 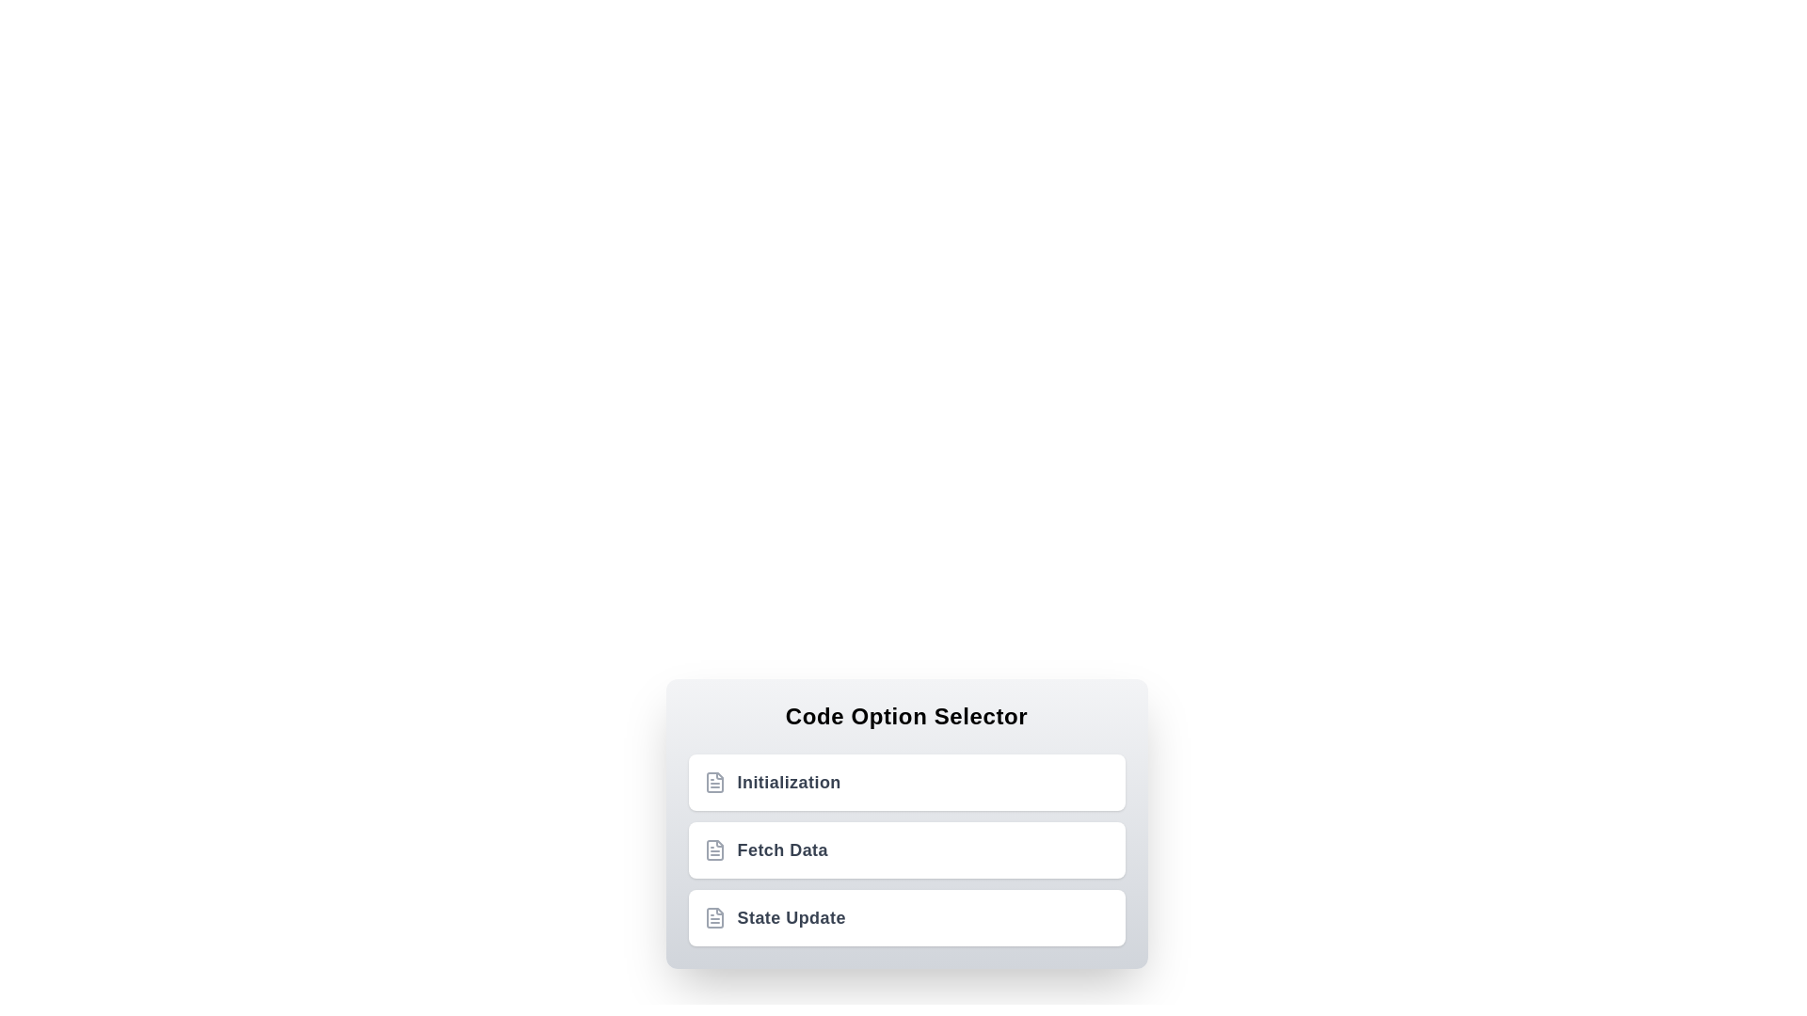 What do you see at coordinates (713, 916) in the screenshot?
I see `the document icon styled in gray, located next to the text 'State Update'` at bounding box center [713, 916].